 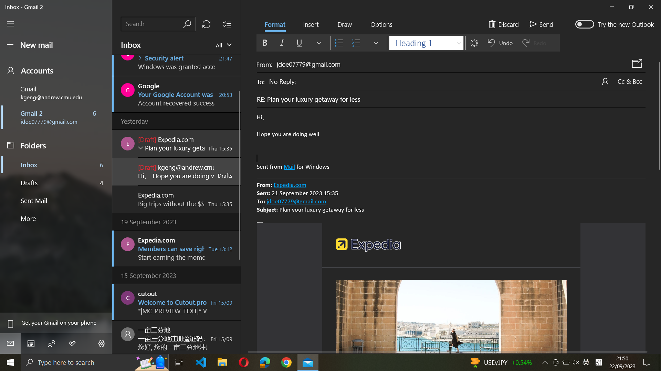 I want to click on Update account to kgeng@andrew.cmu.edu, so click(x=57, y=92).